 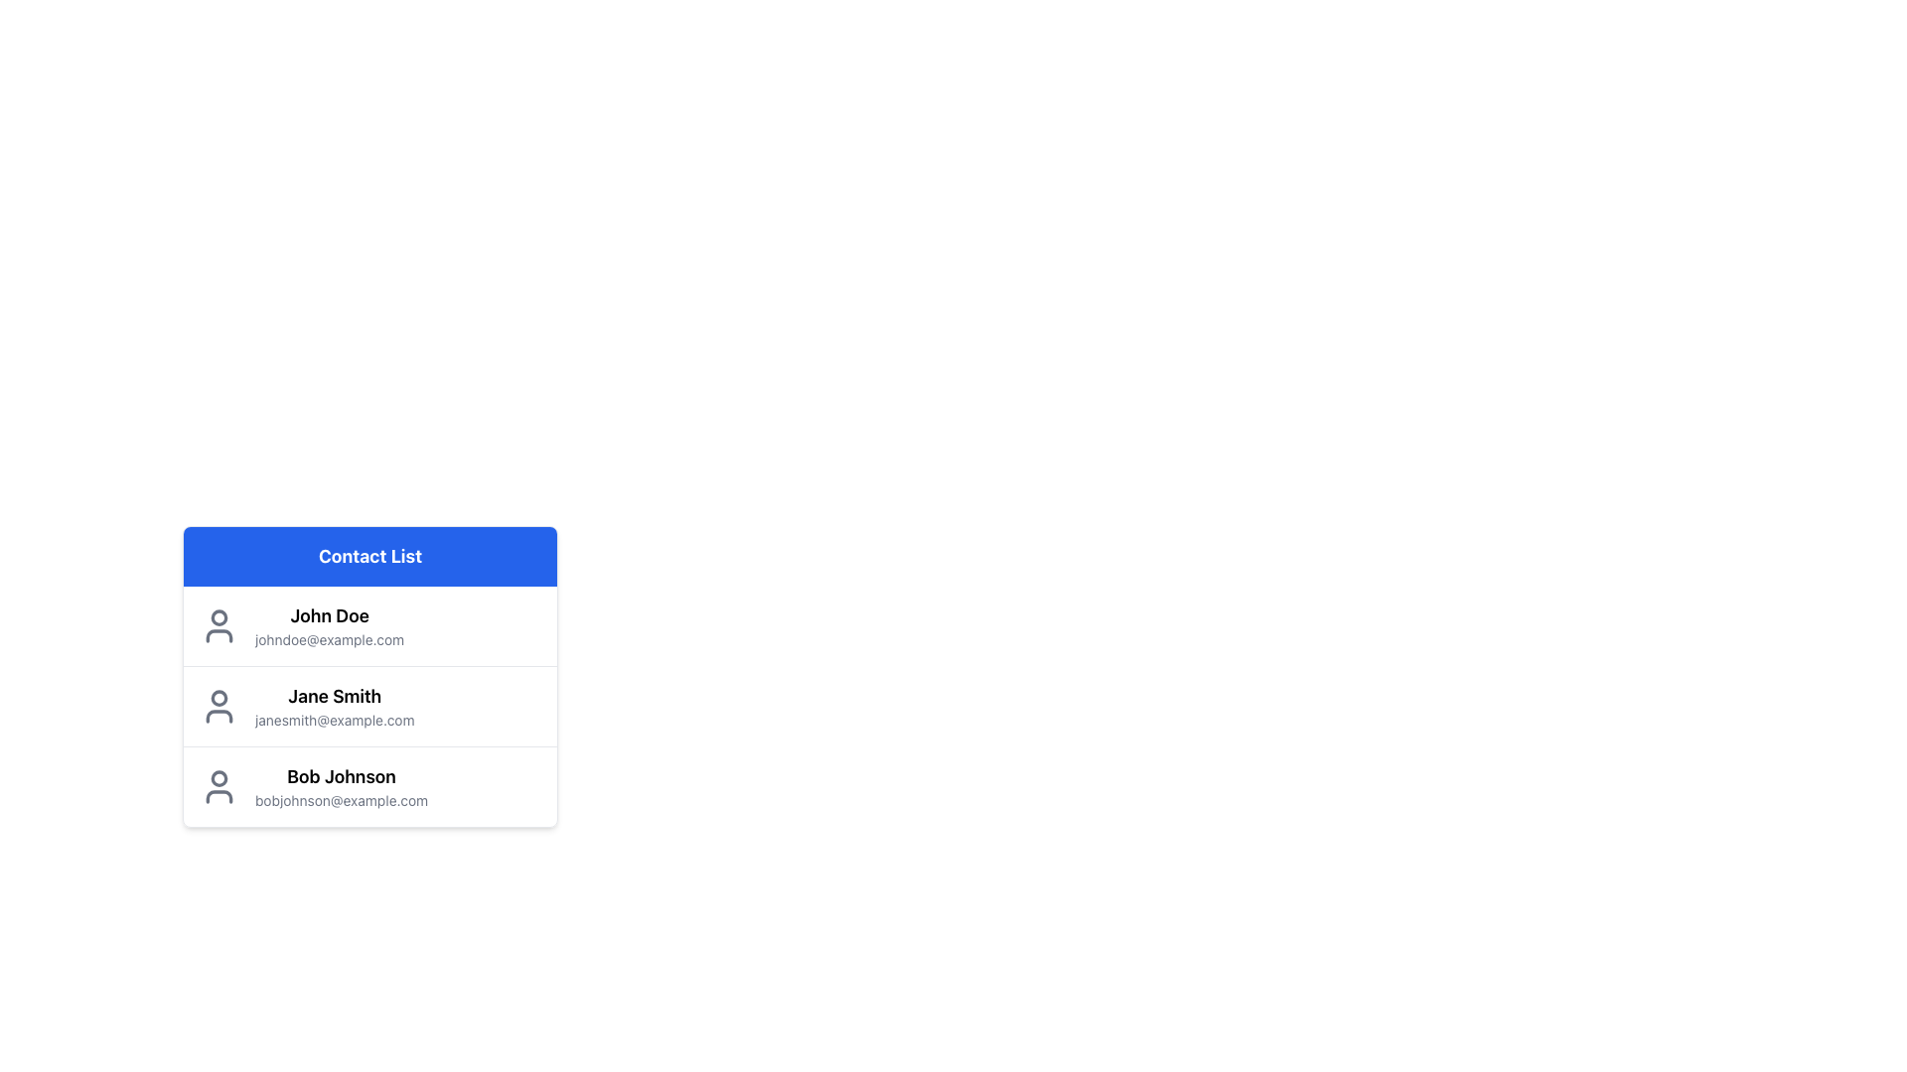 What do you see at coordinates (342, 786) in the screenshot?
I see `contact information displayed in the third row of the contact list, which includes the name and email address of the individual` at bounding box center [342, 786].